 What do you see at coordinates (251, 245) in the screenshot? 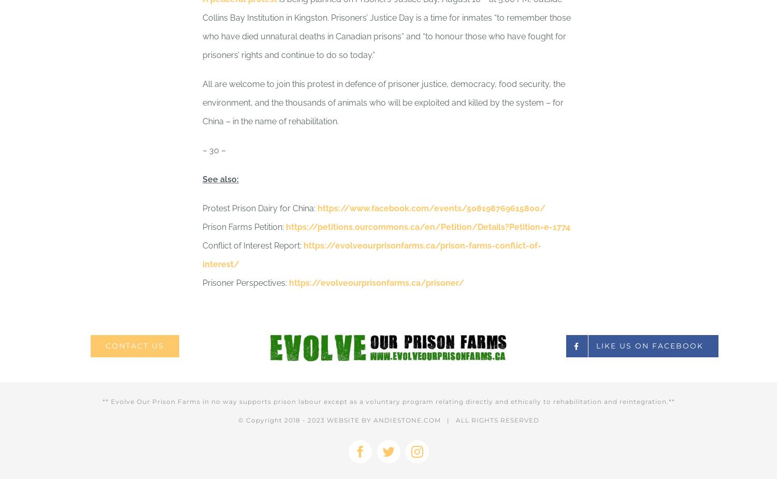
I see `'Conflict of Interest Report:'` at bounding box center [251, 245].